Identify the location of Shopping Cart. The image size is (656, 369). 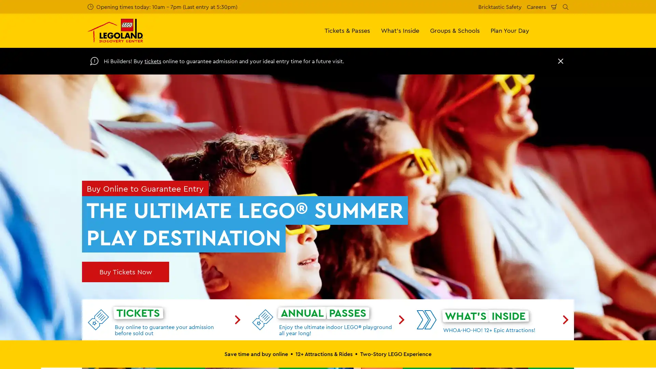
(554, 6).